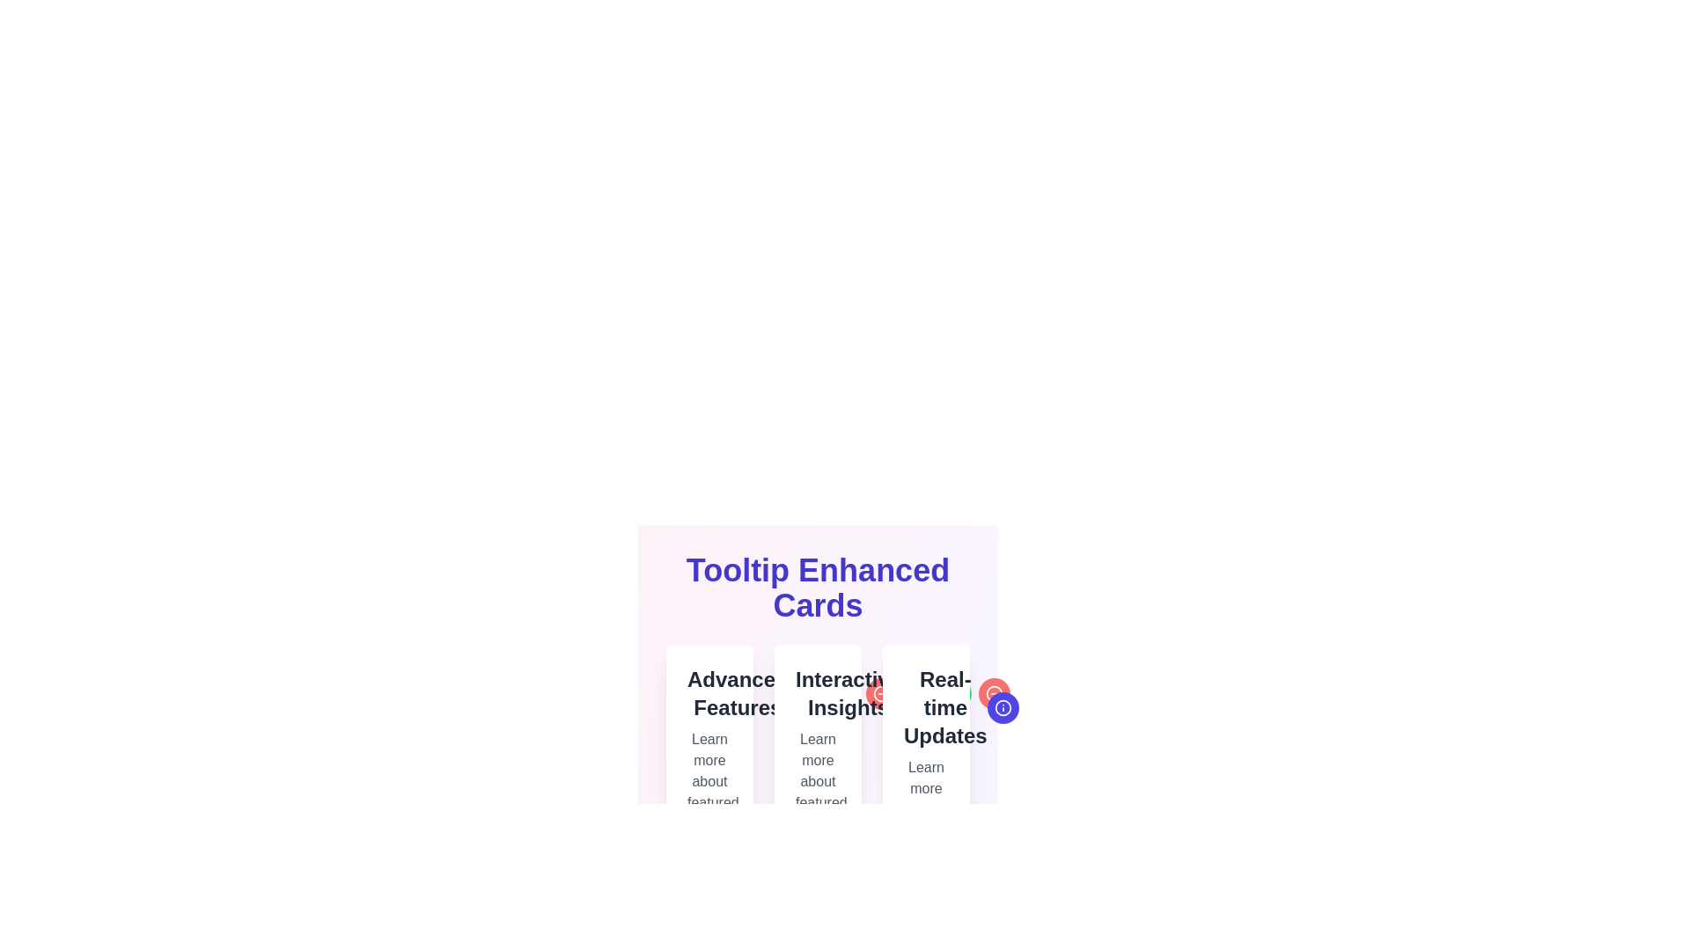  Describe the element at coordinates (709, 763) in the screenshot. I see `the 'Advanced Features' informational card, which is the leftmost card in a 3-column grid layout` at that location.